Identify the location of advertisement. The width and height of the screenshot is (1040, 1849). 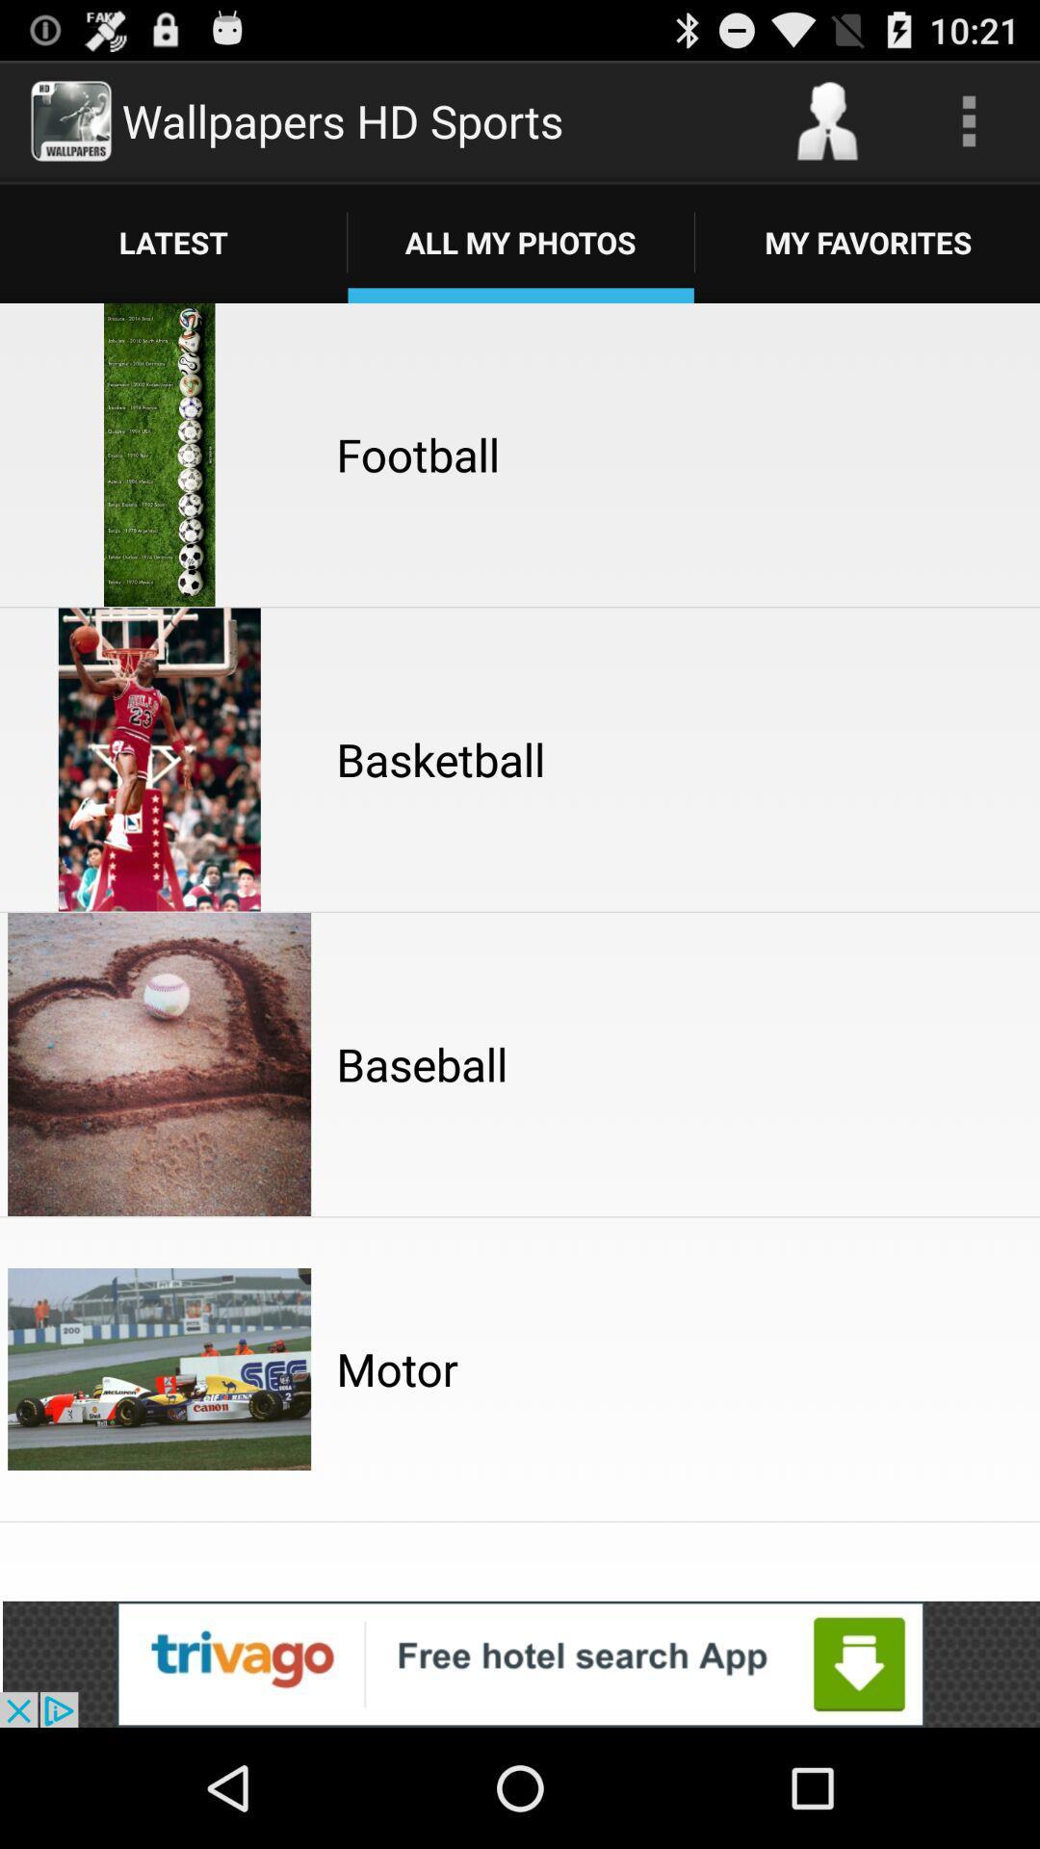
(520, 1663).